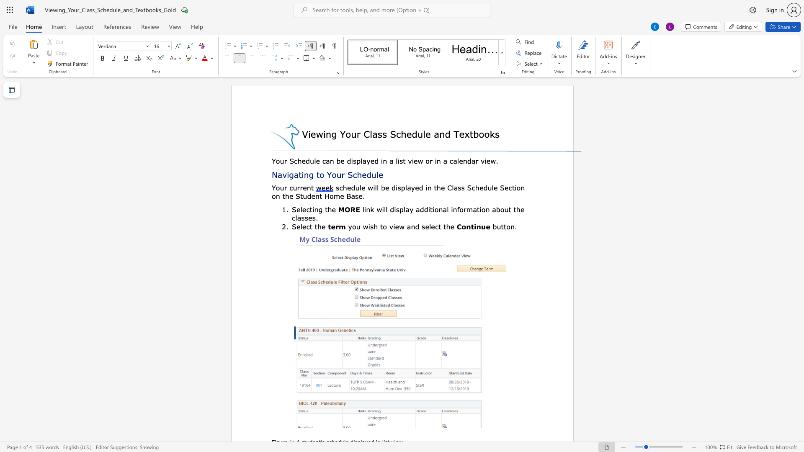 This screenshot has height=452, width=804. What do you see at coordinates (349, 161) in the screenshot?
I see `the 2th character "d" in the text` at bounding box center [349, 161].